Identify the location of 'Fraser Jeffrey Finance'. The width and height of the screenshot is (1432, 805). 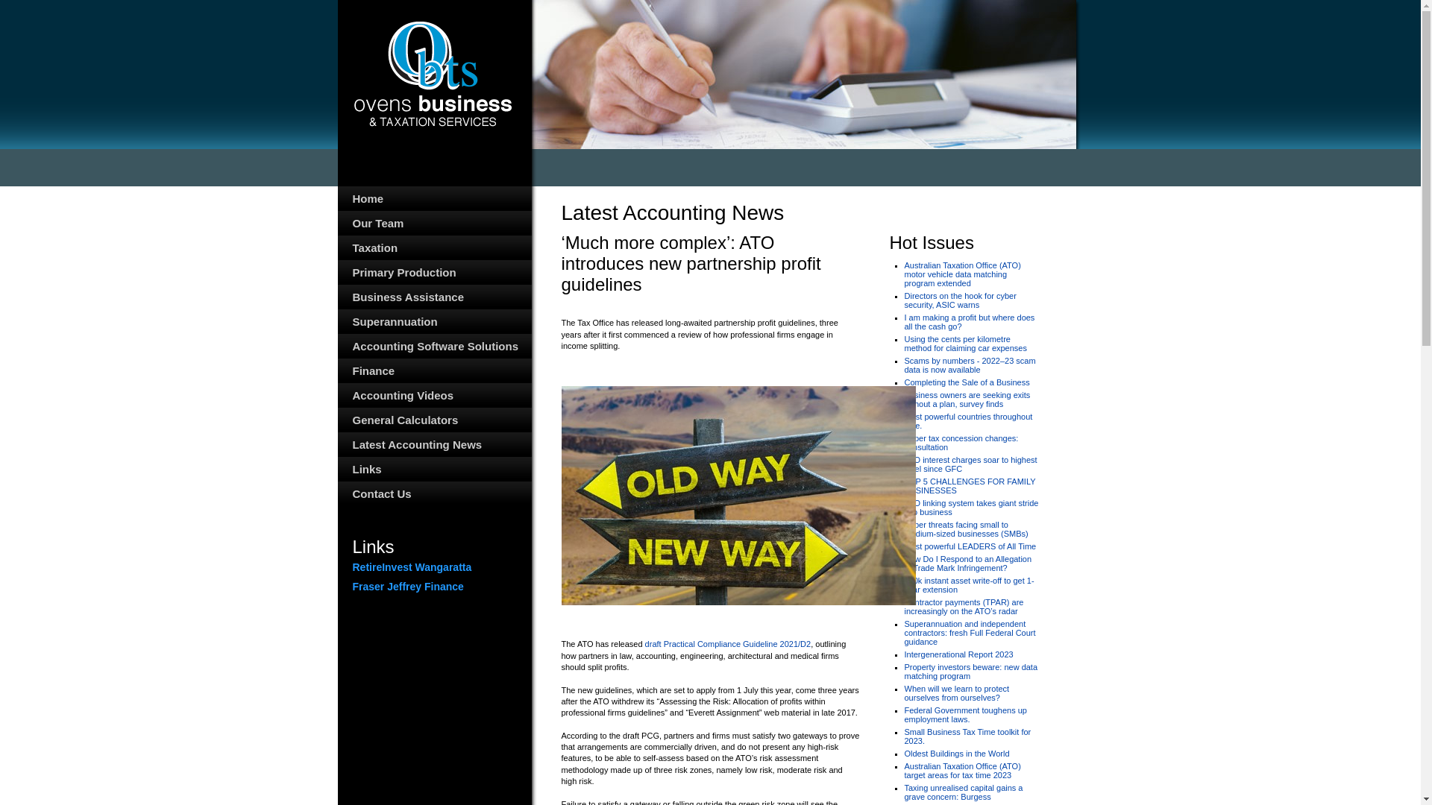
(351, 585).